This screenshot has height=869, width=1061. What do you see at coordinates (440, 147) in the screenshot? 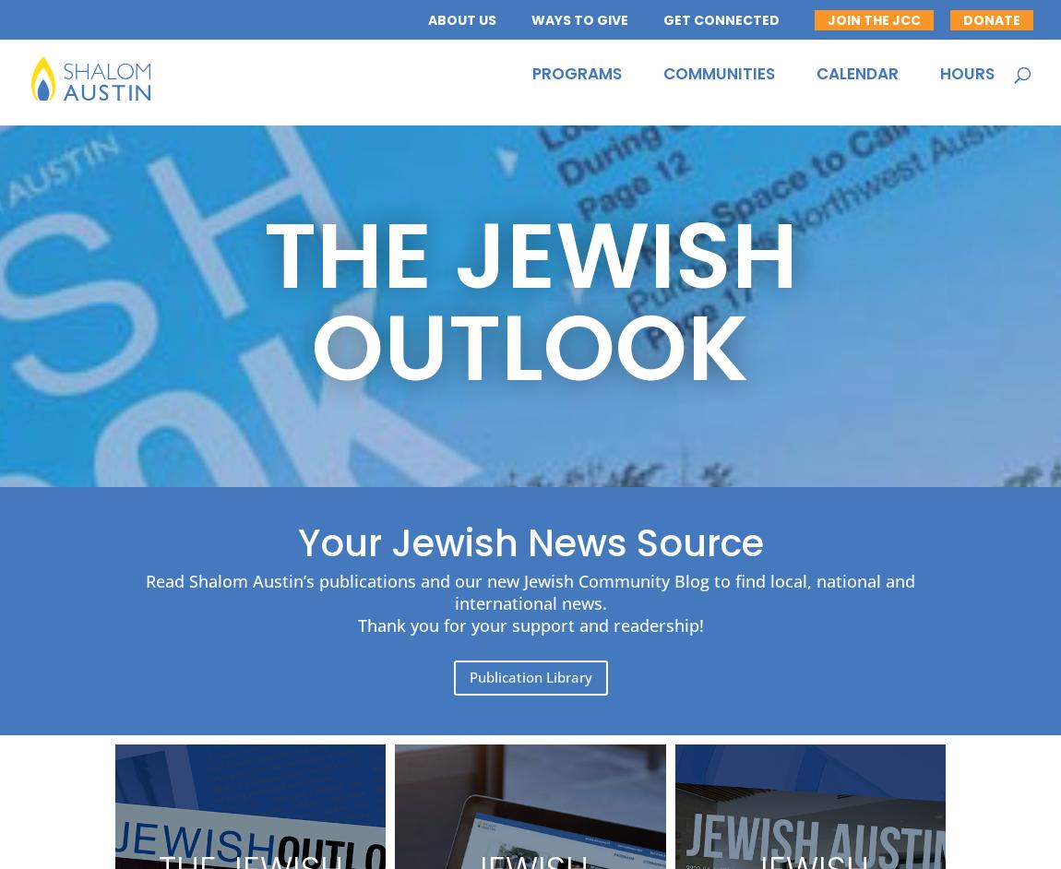
I see `'Amenities'` at bounding box center [440, 147].